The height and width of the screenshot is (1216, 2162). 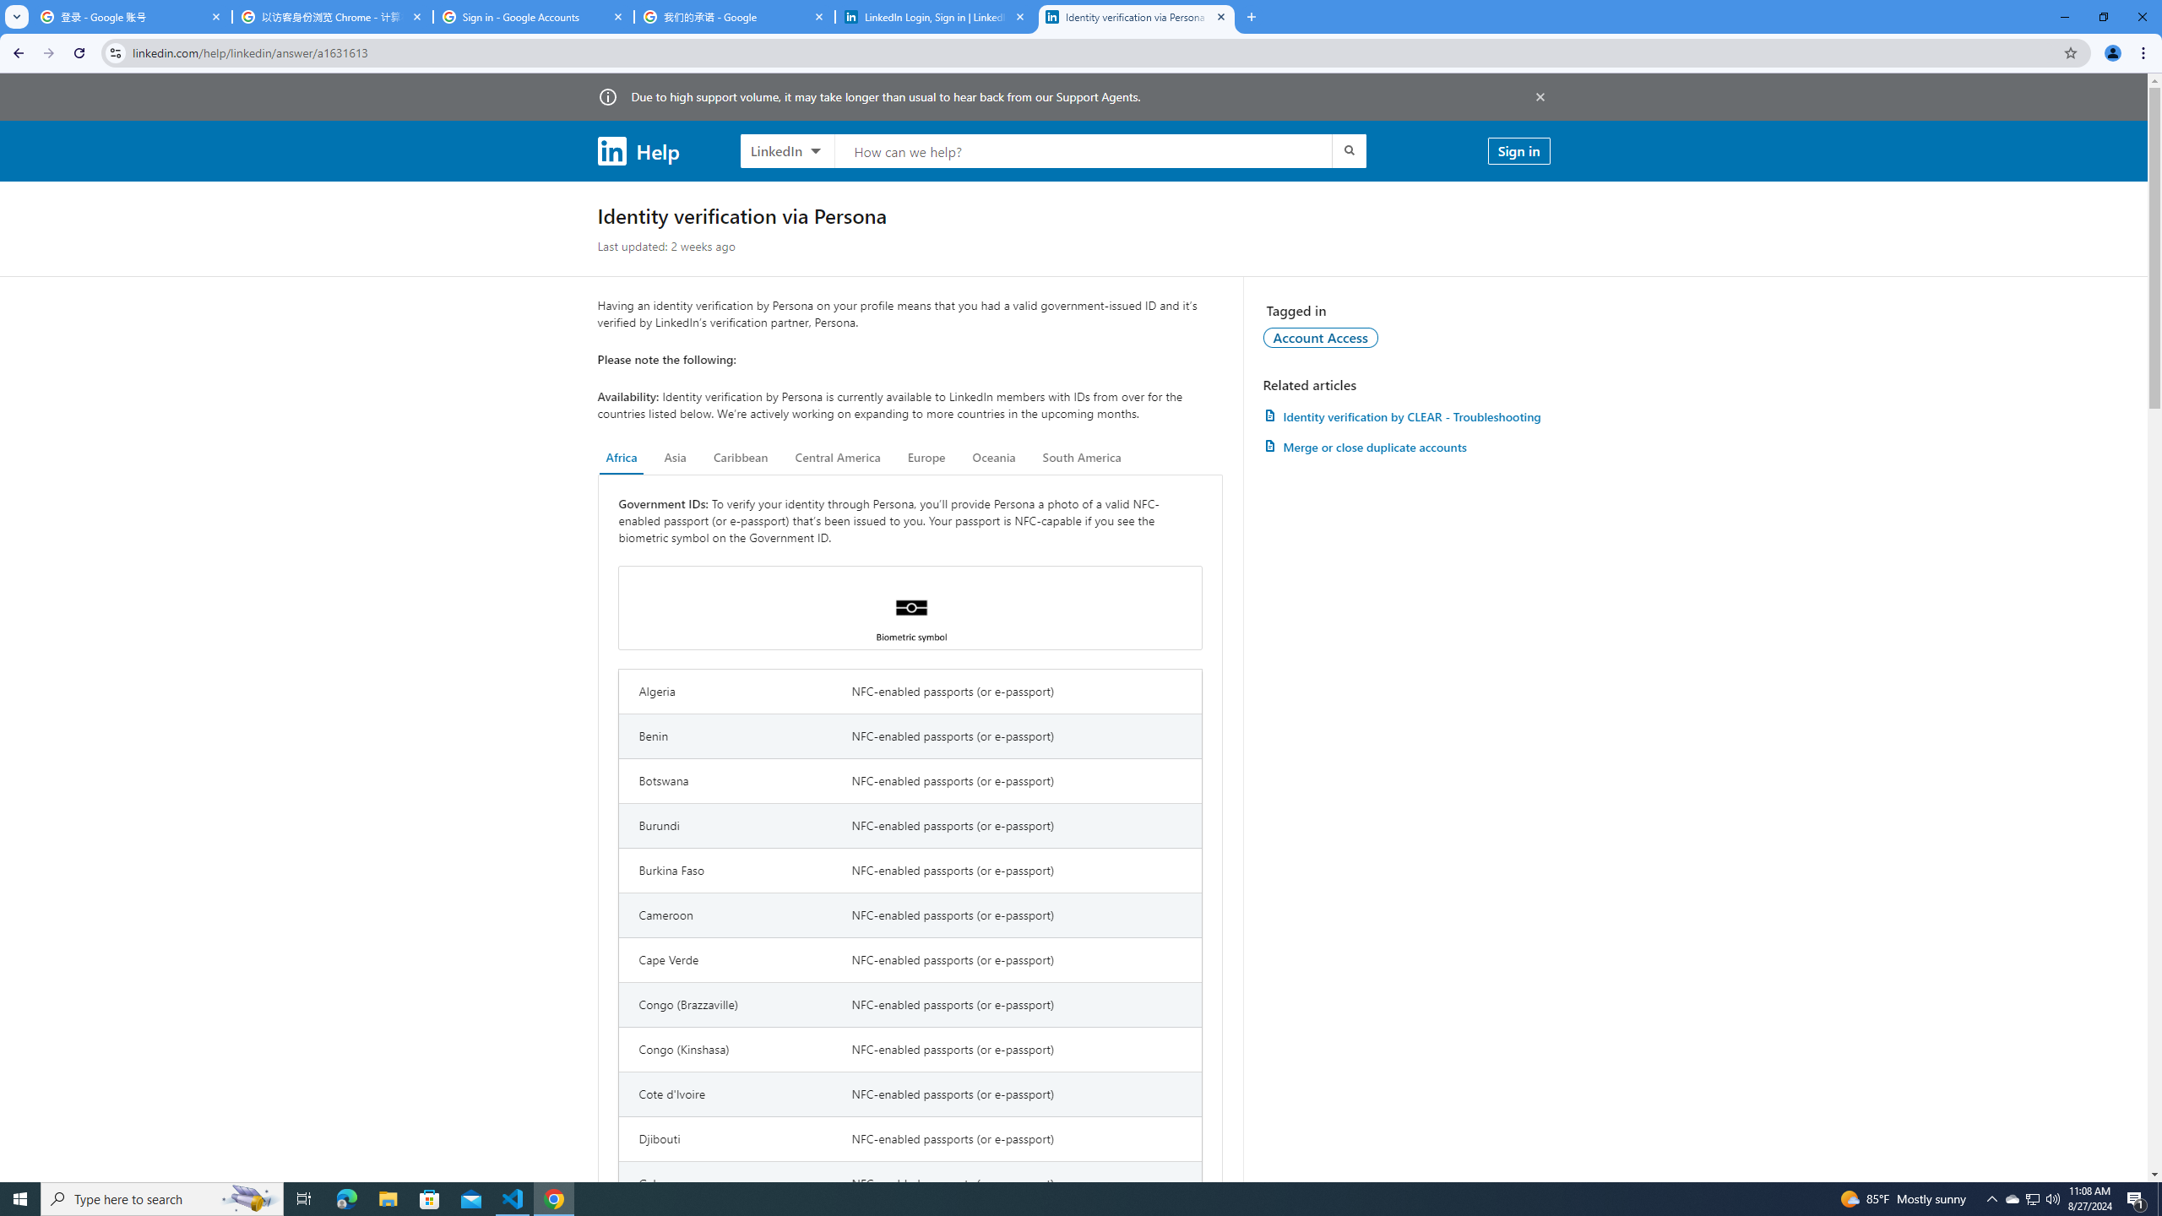 I want to click on 'LinkedIn Login, Sign in | LinkedIn', so click(x=936, y=16).